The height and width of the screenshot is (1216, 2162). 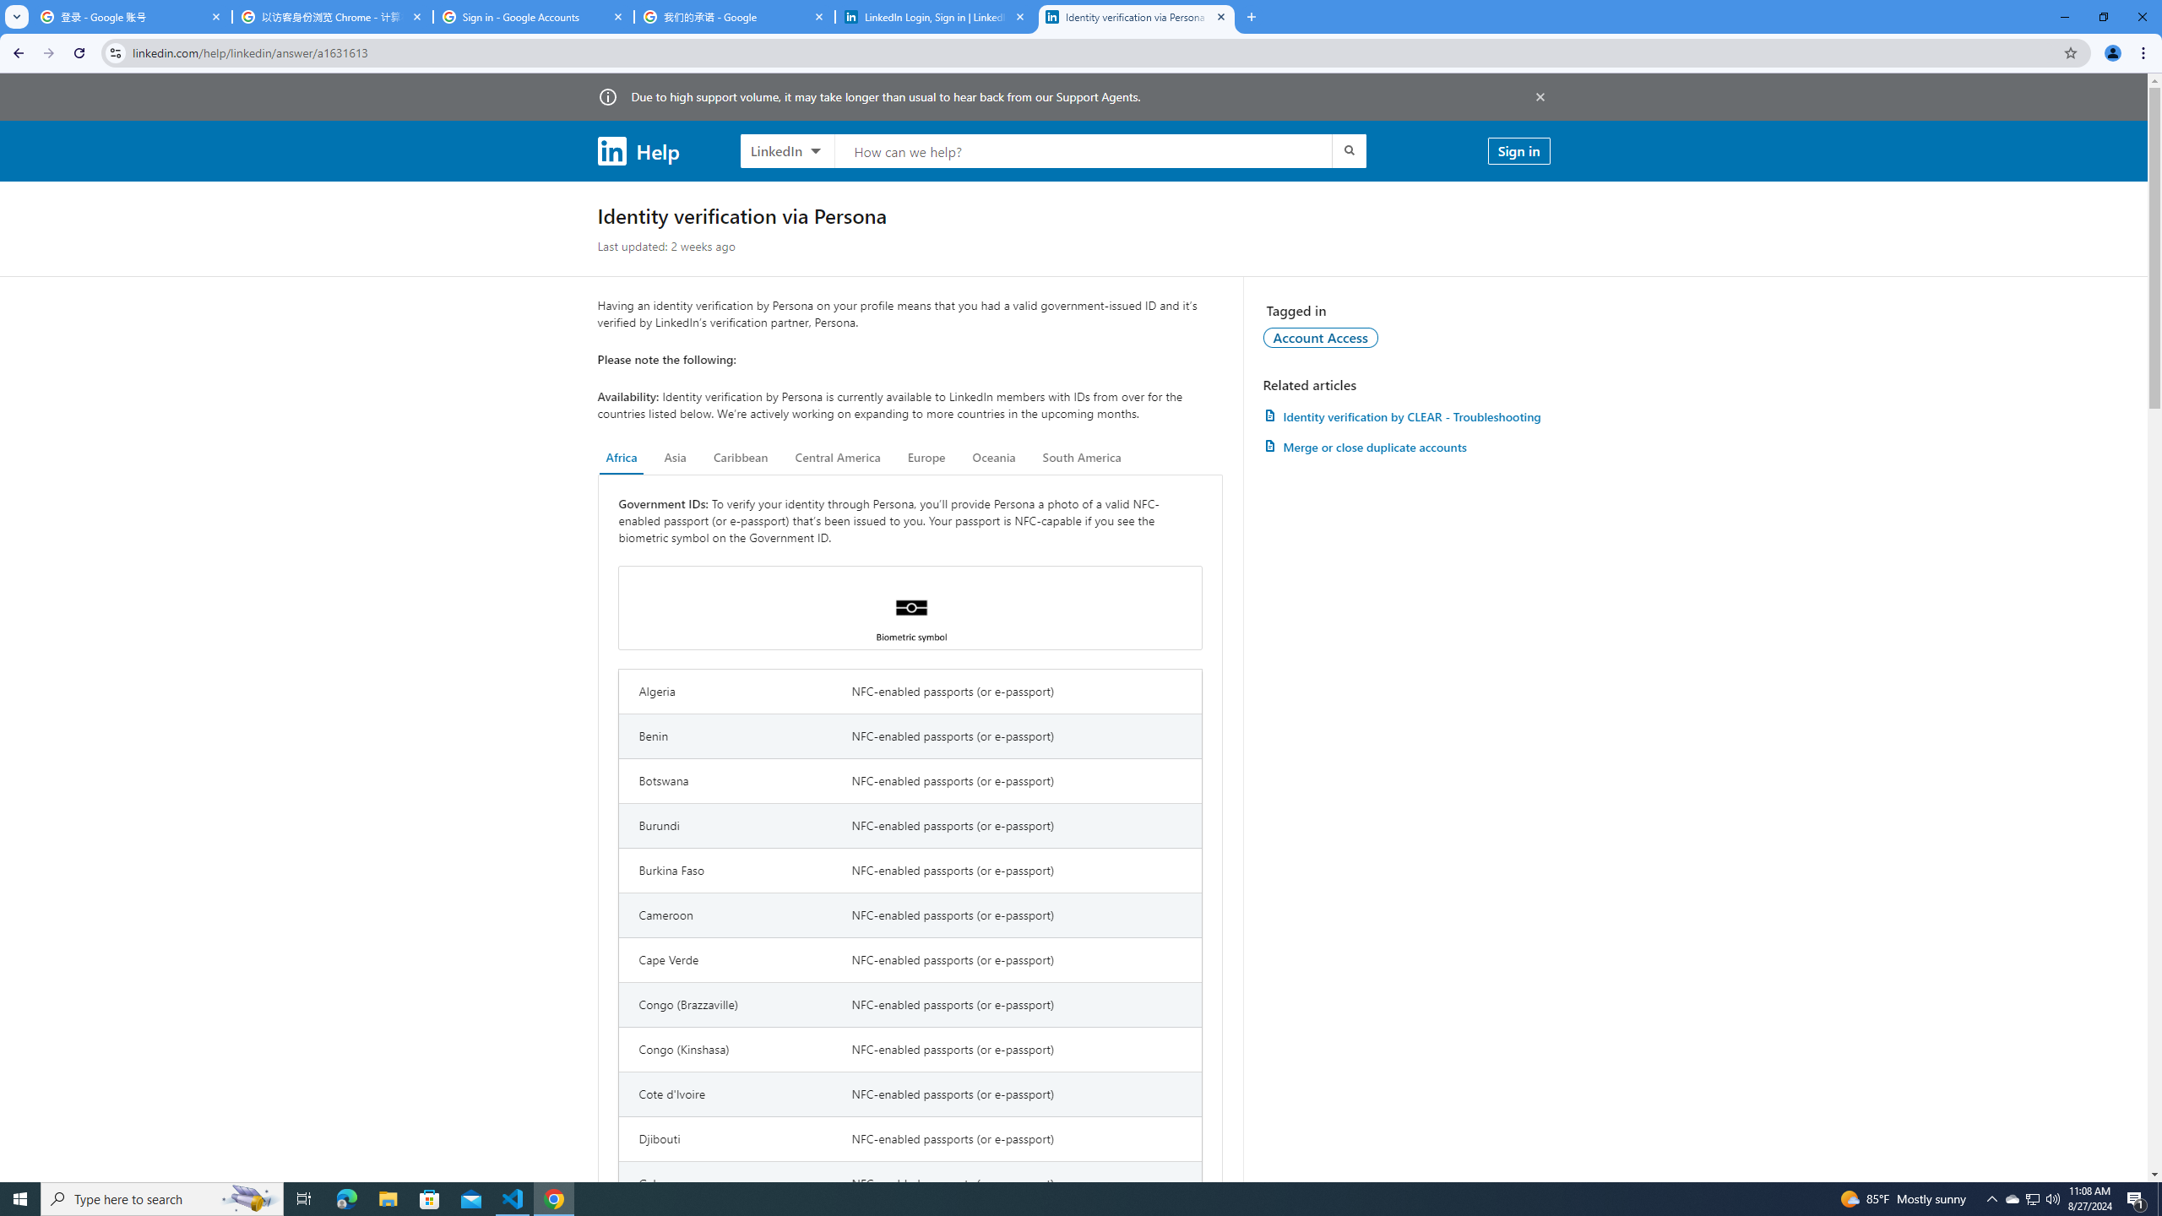 I want to click on 'LinkedIn Login, Sign in | LinkedIn', so click(x=936, y=16).